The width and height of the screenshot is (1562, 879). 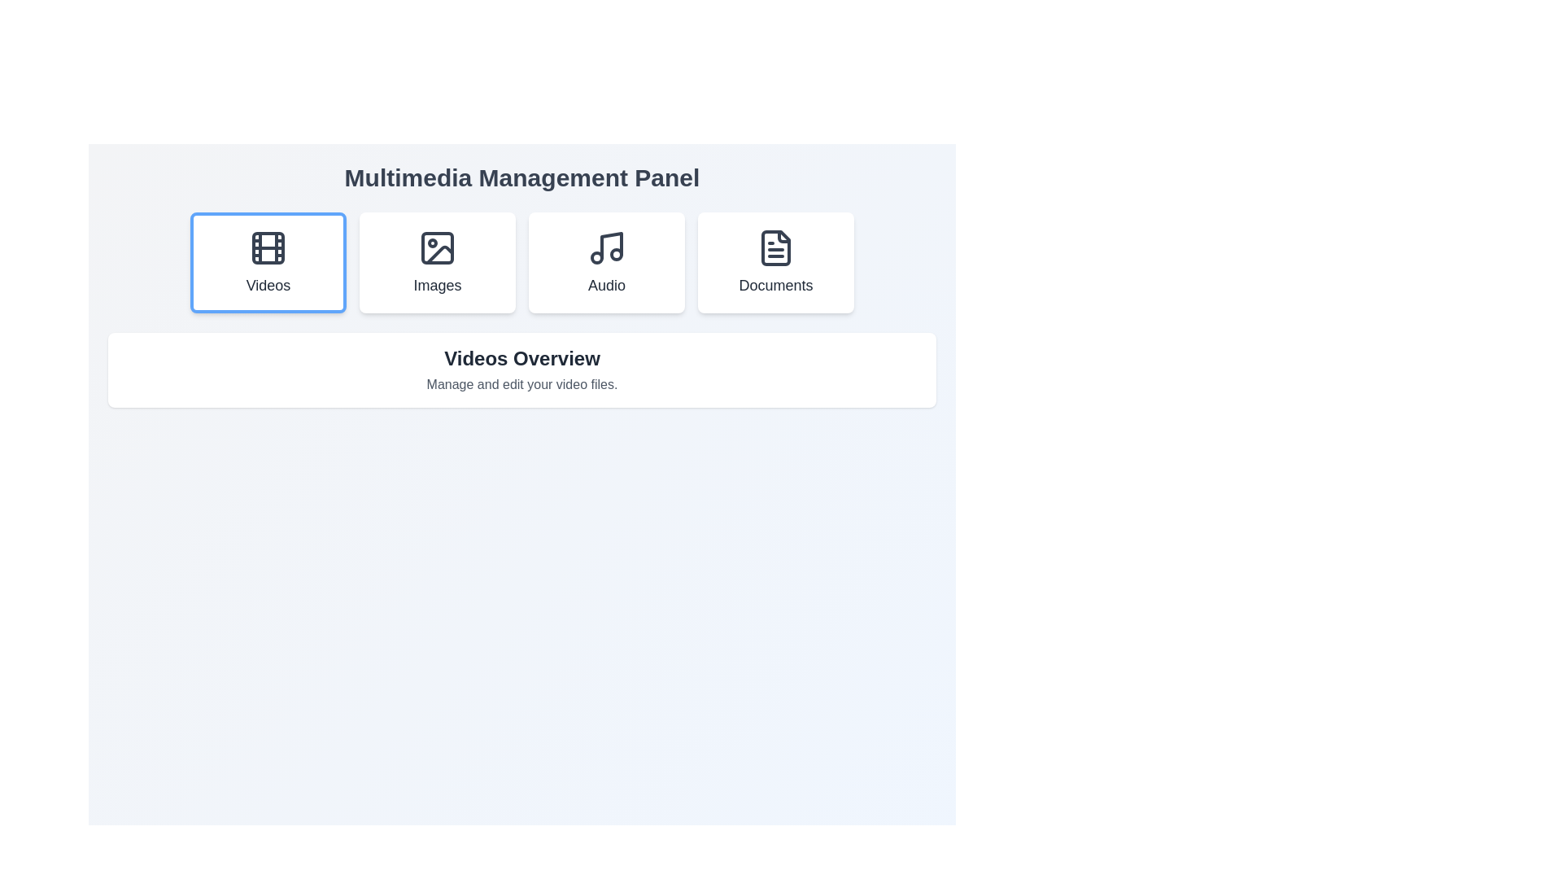 I want to click on text label displaying 'Images' in bold, dark gray font, positioned below an image icon in the second card of a row of four cards, so click(x=437, y=285).